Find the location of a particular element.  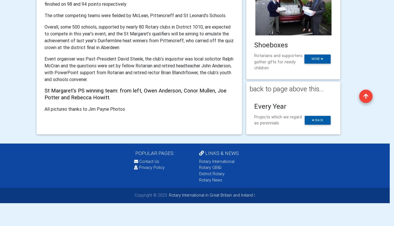

'Copyright © 2023:' is located at coordinates (151, 195).